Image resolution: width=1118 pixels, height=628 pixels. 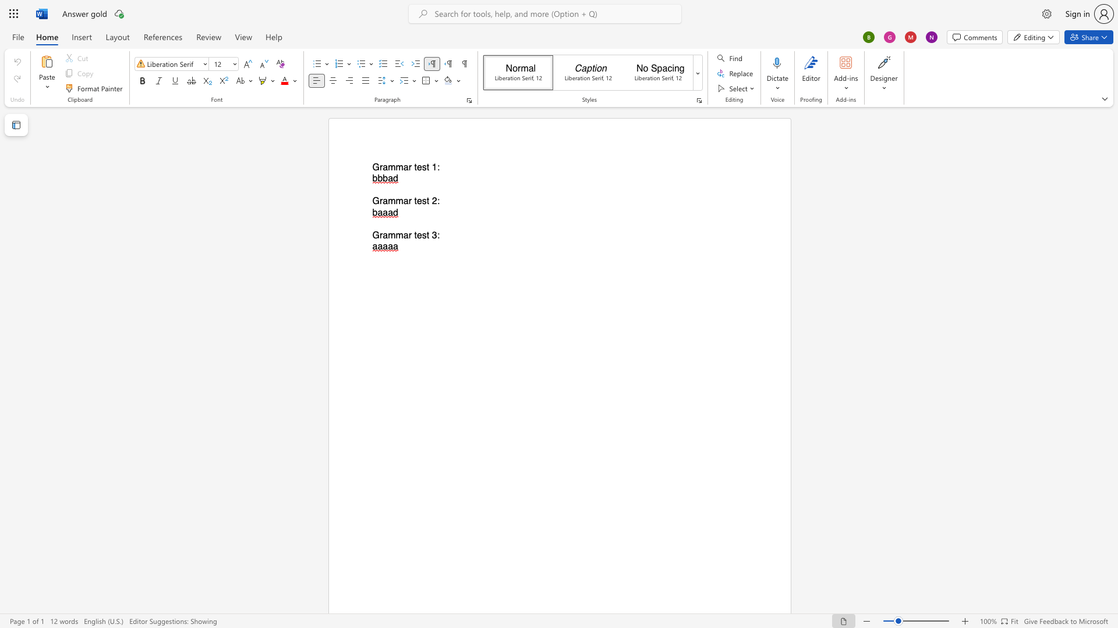 I want to click on the space between the continuous character "a" and "r" in the text, so click(x=408, y=235).